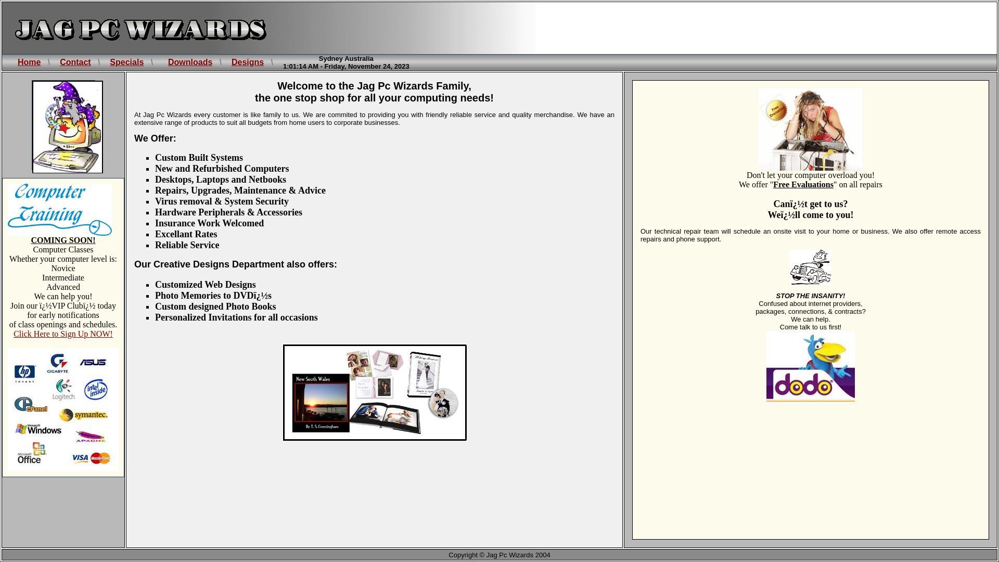 The image size is (999, 562). Describe the element at coordinates (74, 62) in the screenshot. I see `'Contact'` at that location.